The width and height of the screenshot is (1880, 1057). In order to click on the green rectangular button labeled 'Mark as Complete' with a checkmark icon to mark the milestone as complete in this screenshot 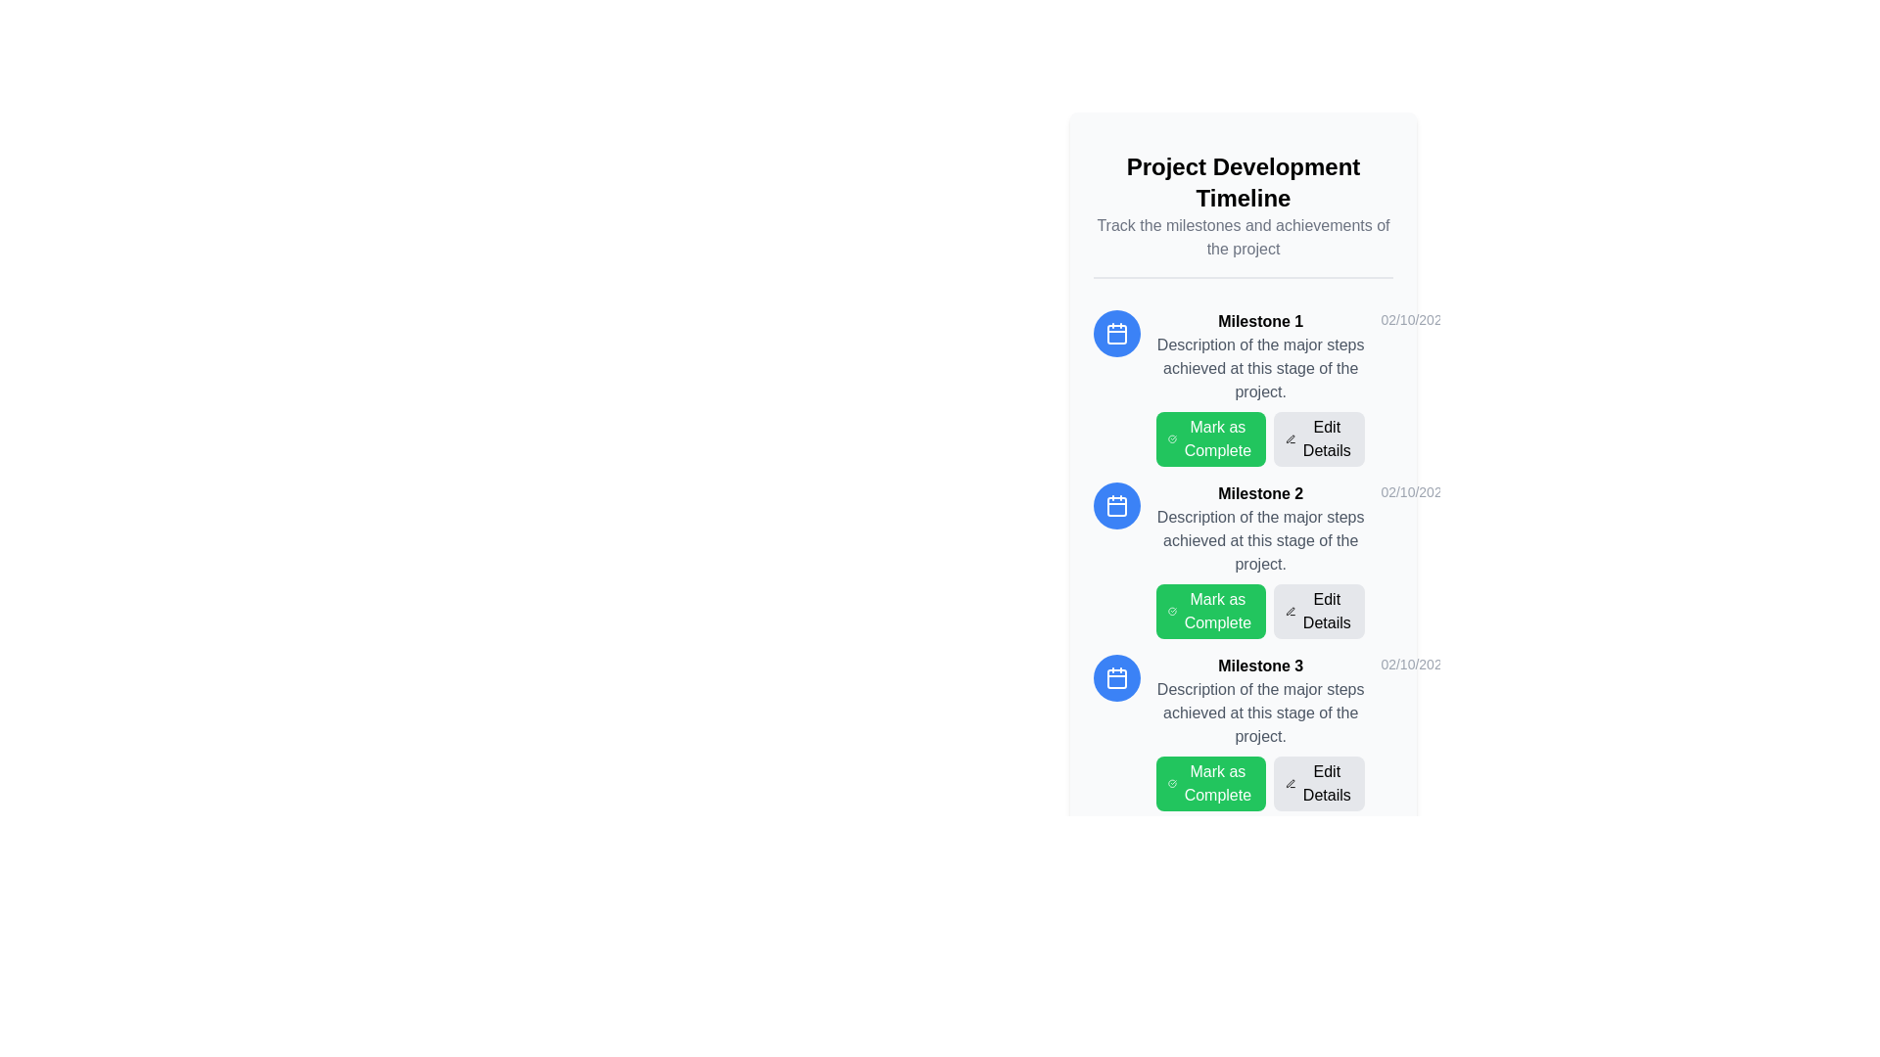, I will do `click(1210, 610)`.